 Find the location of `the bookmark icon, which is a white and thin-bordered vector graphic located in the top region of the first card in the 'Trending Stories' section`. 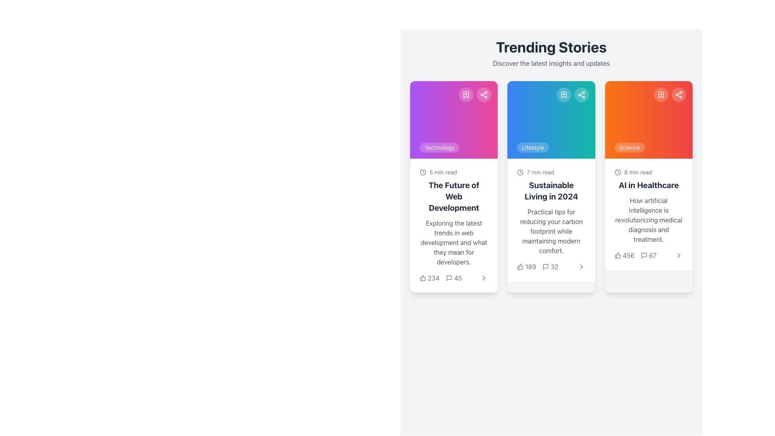

the bookmark icon, which is a white and thin-bordered vector graphic located in the top region of the first card in the 'Trending Stories' section is located at coordinates (466, 94).